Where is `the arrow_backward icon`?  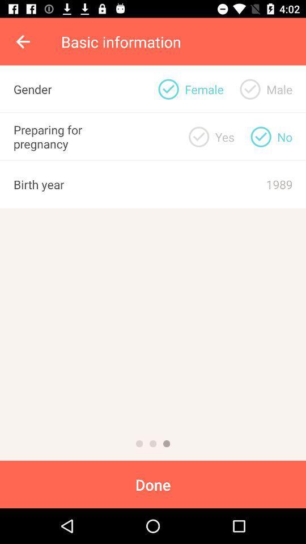 the arrow_backward icon is located at coordinates (24, 41).